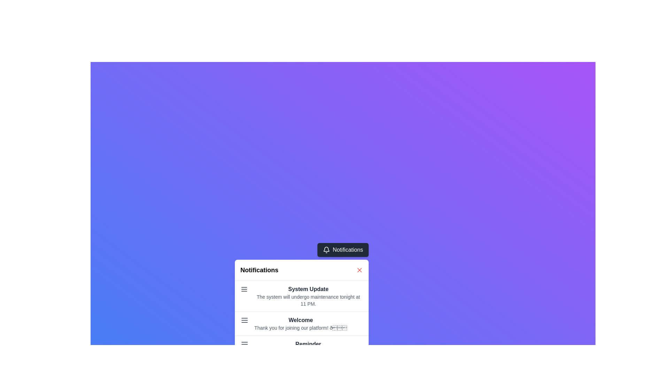 The width and height of the screenshot is (669, 376). I want to click on the bell-shaped notification icon located within the dark-colored button adjacent to the 'Notifications' text, so click(326, 249).